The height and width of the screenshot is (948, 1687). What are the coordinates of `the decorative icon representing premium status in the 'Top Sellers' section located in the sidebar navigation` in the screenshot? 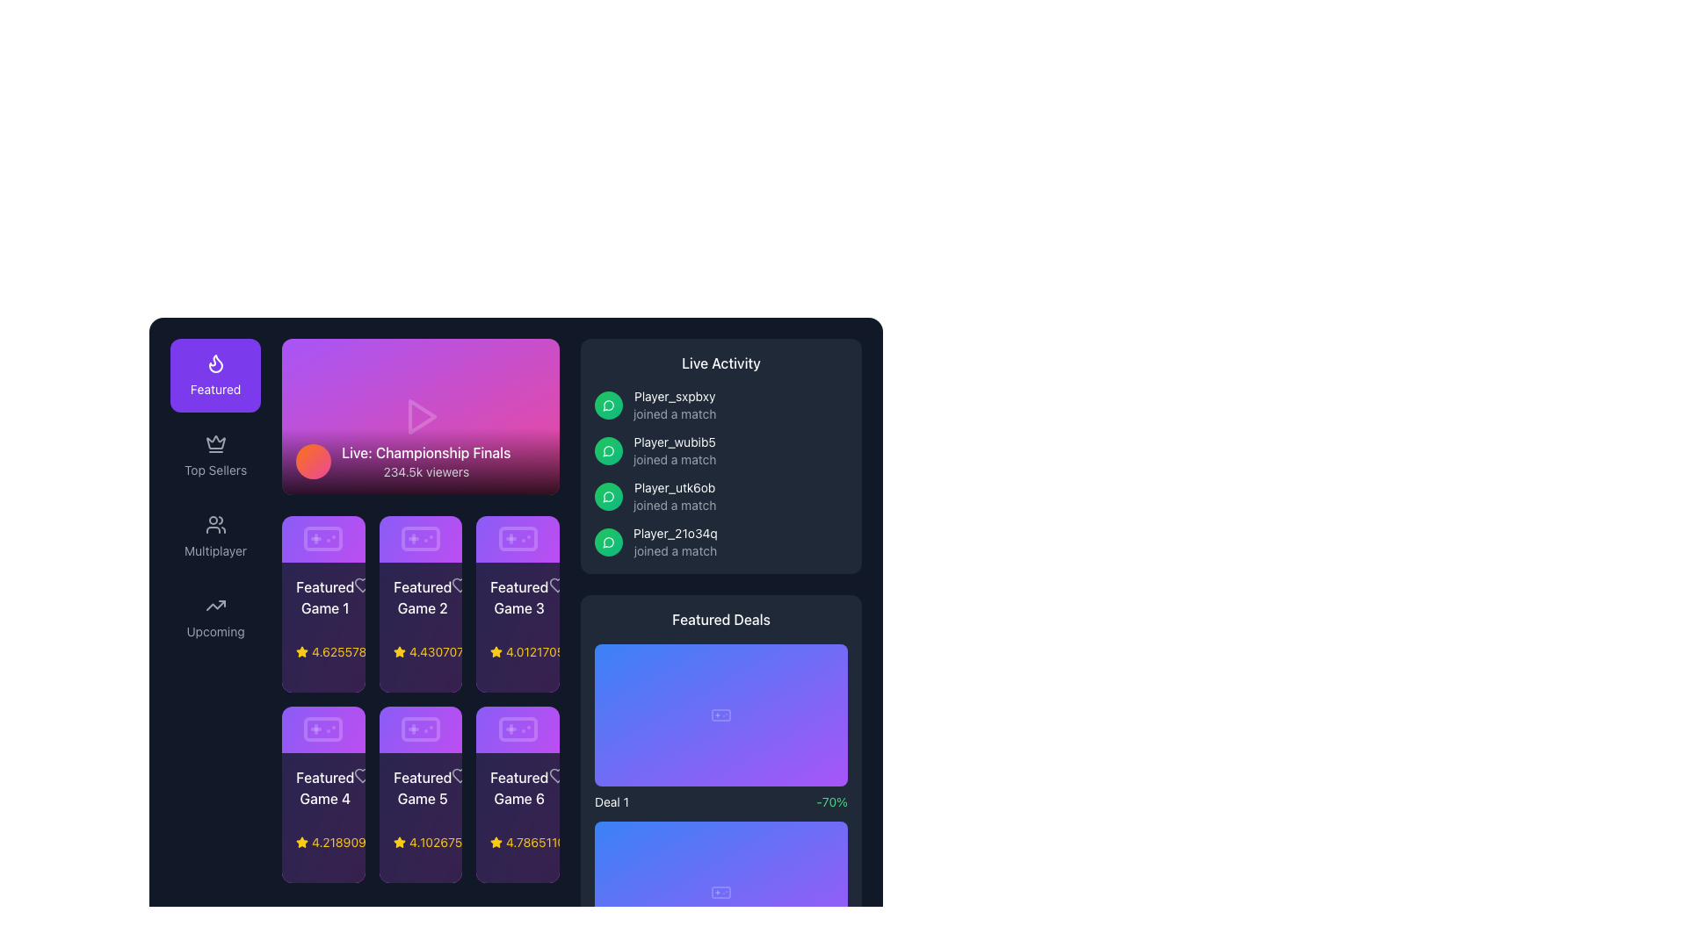 It's located at (214, 442).